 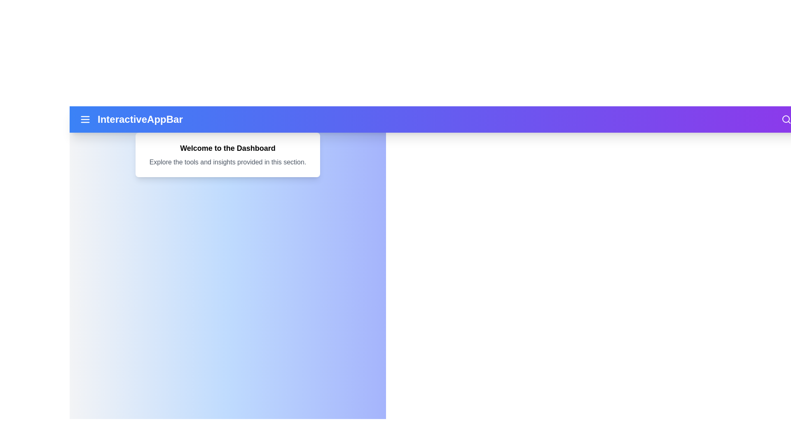 I want to click on the menu icon to toggle the sidebar, so click(x=85, y=119).